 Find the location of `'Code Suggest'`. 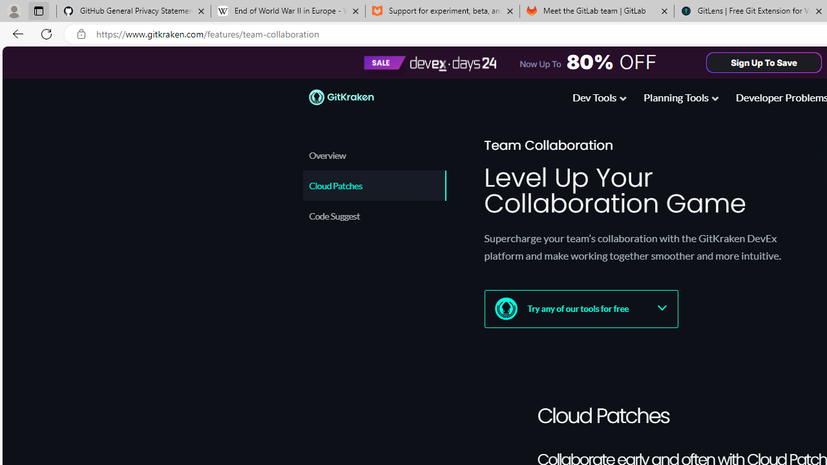

'Code Suggest' is located at coordinates (372, 215).